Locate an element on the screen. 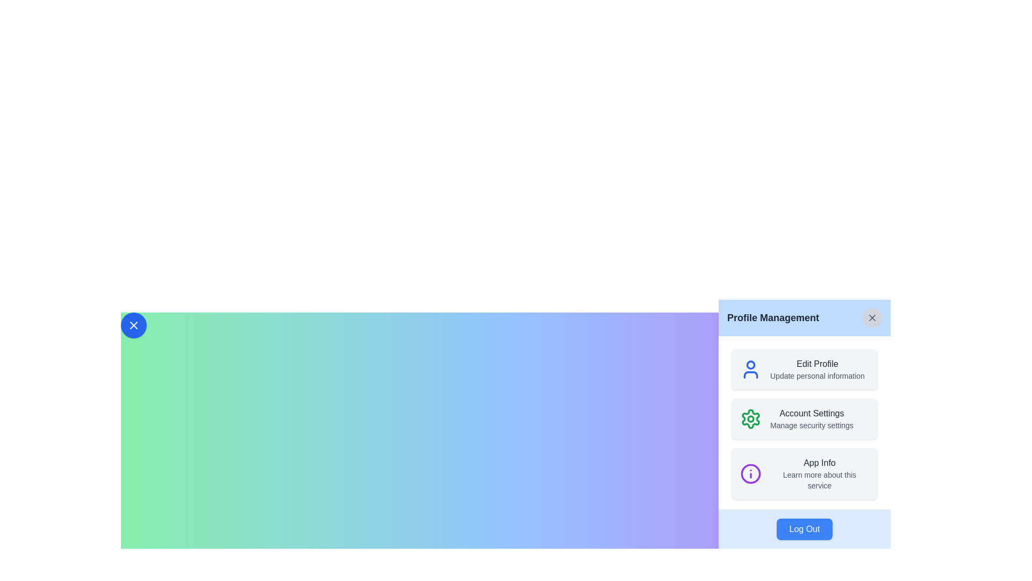 Image resolution: width=1032 pixels, height=581 pixels. the Text Label that displays 'App Info', which is a gray medium-weight sans-serif font, located in the lower portion of a vertical list in the sidebar interface is located at coordinates (819, 462).